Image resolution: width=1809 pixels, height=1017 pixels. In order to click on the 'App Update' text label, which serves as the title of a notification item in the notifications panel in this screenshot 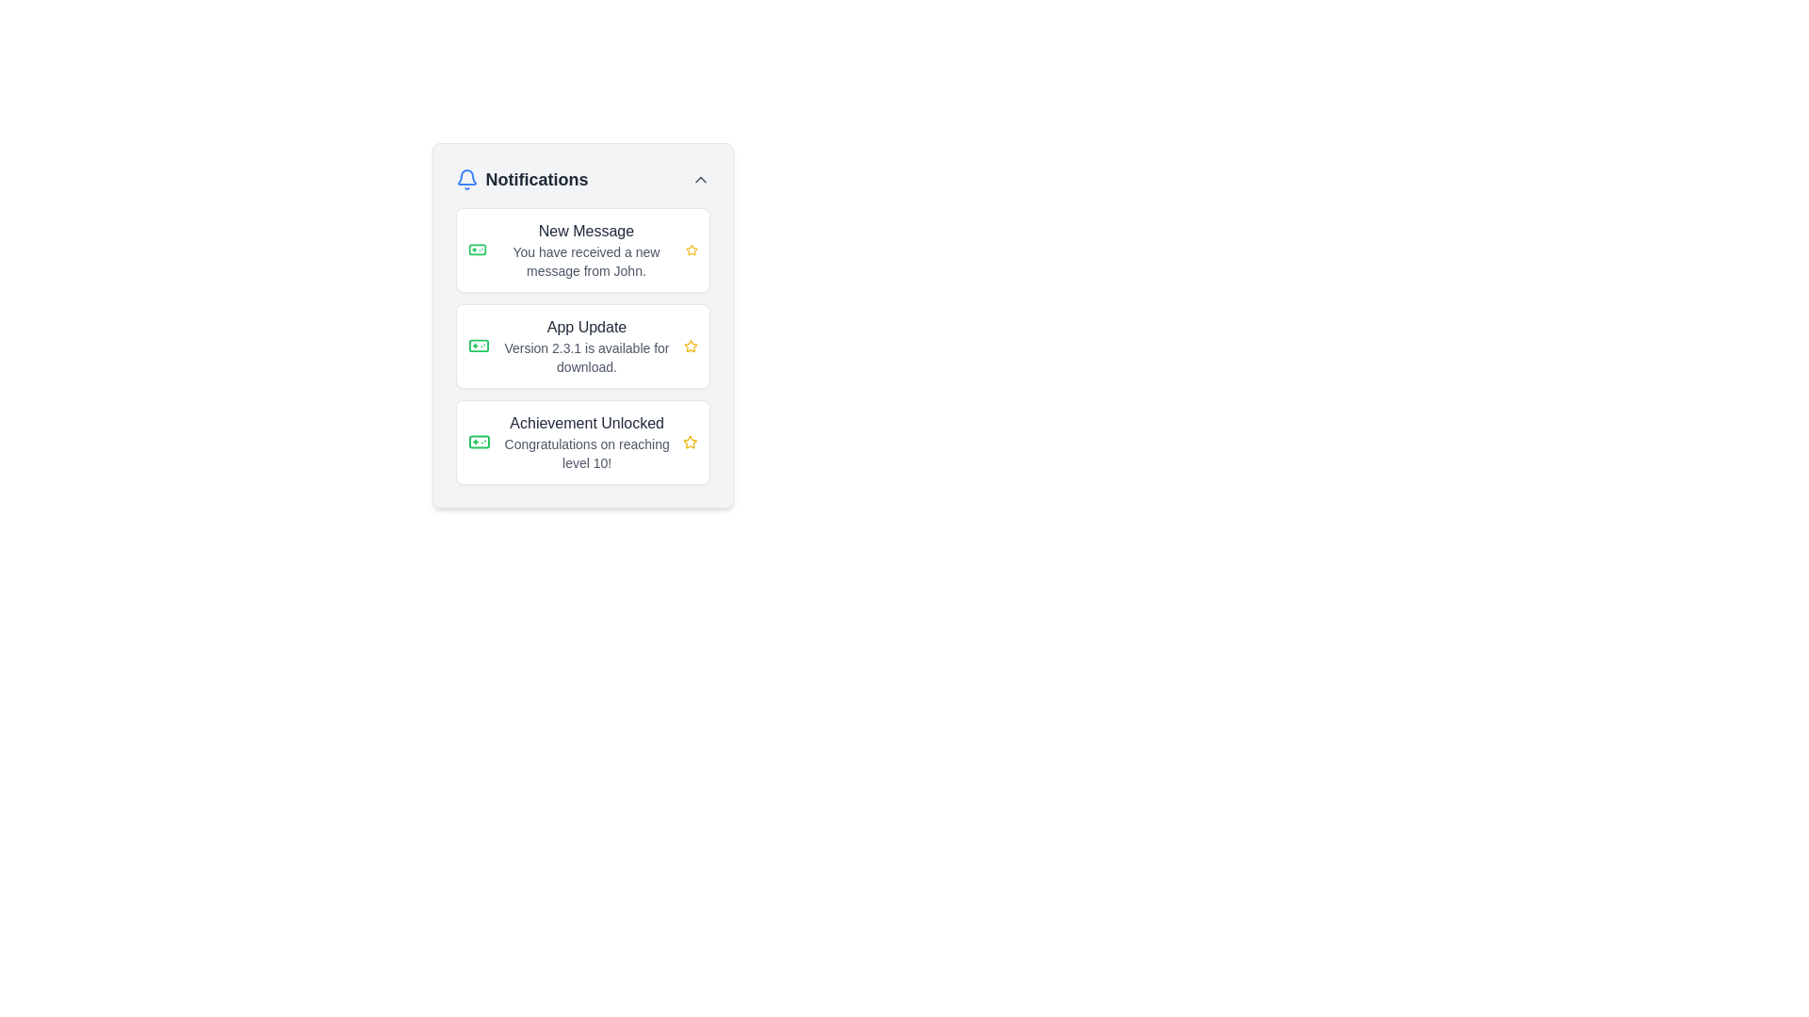, I will do `click(586, 326)`.